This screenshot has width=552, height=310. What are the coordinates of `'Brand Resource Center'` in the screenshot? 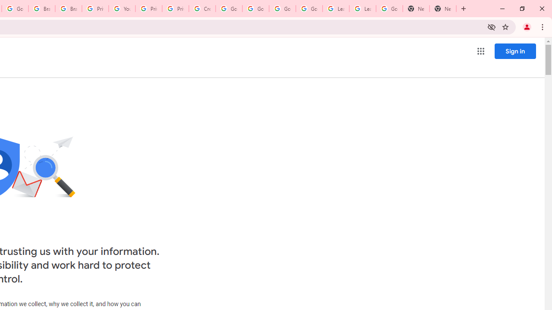 It's located at (68, 9).